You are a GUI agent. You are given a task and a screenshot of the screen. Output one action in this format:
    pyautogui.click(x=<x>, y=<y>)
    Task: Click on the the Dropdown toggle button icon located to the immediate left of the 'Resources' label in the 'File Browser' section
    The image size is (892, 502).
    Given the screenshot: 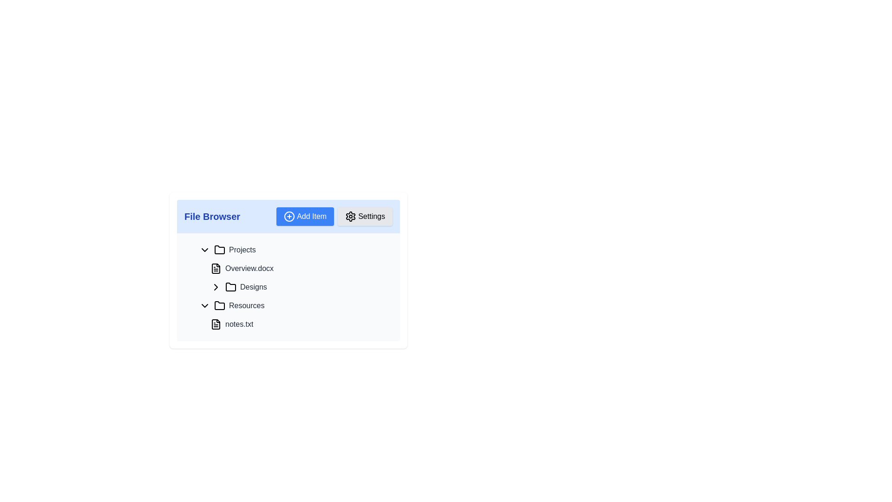 What is the action you would take?
    pyautogui.click(x=204, y=306)
    